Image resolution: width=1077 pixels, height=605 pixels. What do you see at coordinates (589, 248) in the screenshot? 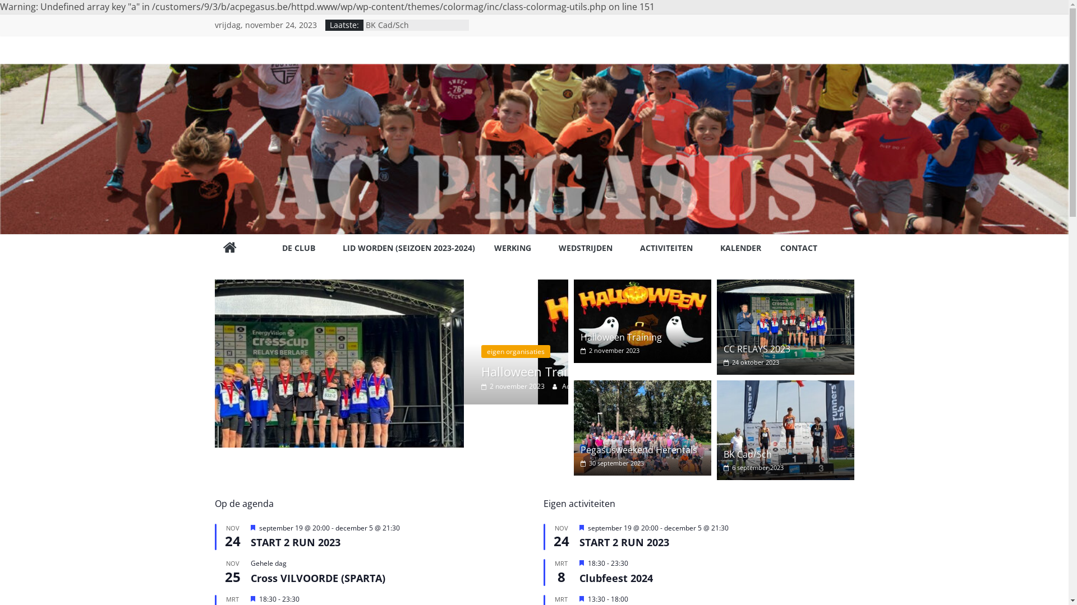
I see `'WEDSTRIJDEN'` at bounding box center [589, 248].